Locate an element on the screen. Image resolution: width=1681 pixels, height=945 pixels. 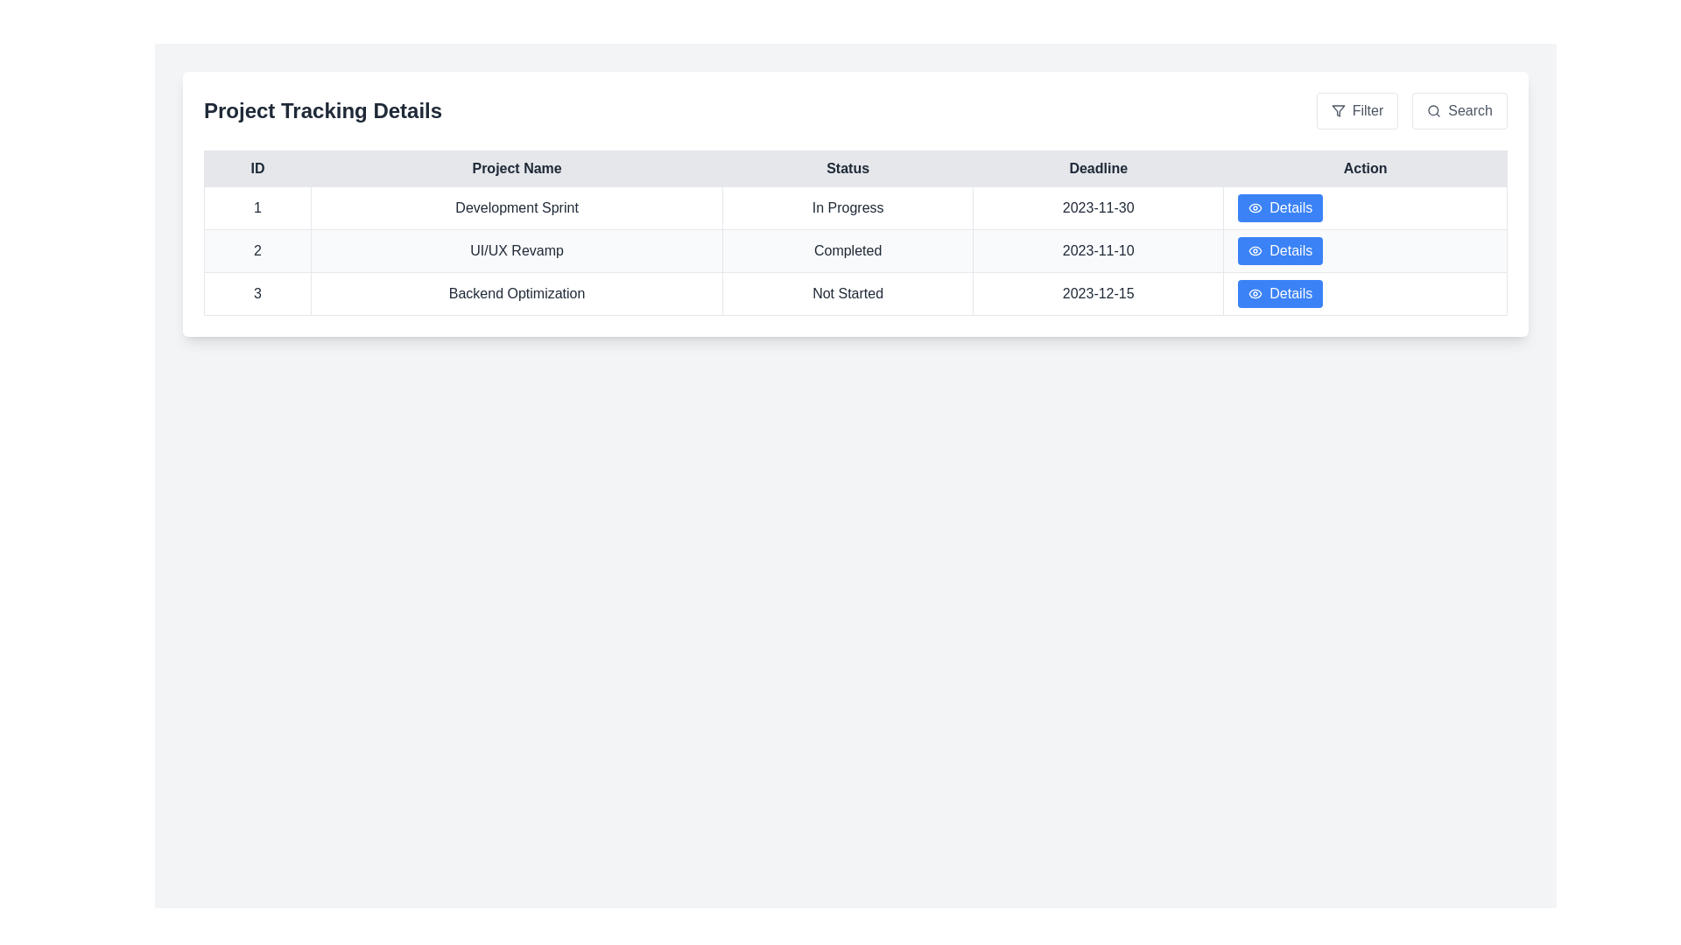
the text display showing '2023-11-10', which is located in the fourth column (Deadline) of the second row (UI/UX Revamp) in the grid structure is located at coordinates (1097, 250).